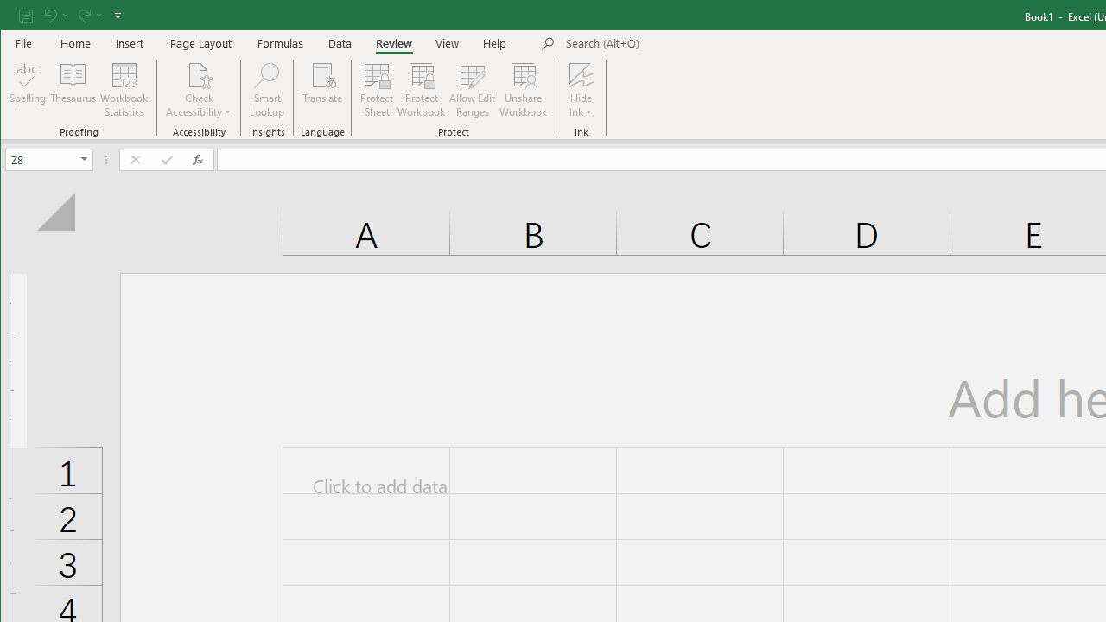 This screenshot has height=622, width=1106. Describe the element at coordinates (322, 90) in the screenshot. I see `'Translate'` at that location.